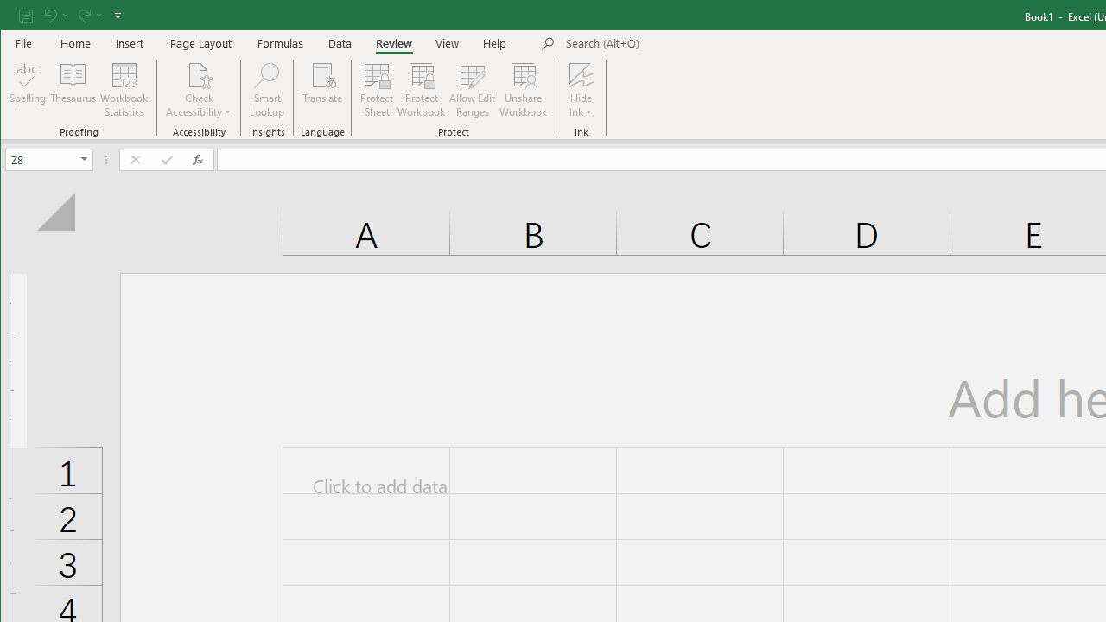 This screenshot has height=622, width=1106. Describe the element at coordinates (322, 90) in the screenshot. I see `'Translate'` at that location.